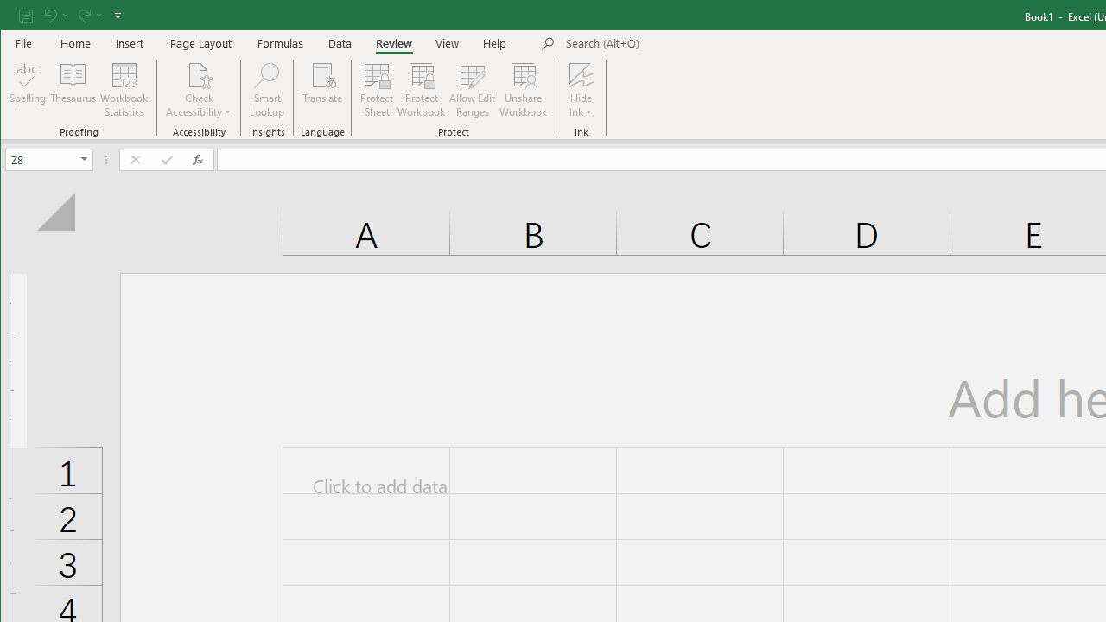 This screenshot has height=622, width=1106. Describe the element at coordinates (322, 90) in the screenshot. I see `'Translate'` at that location.